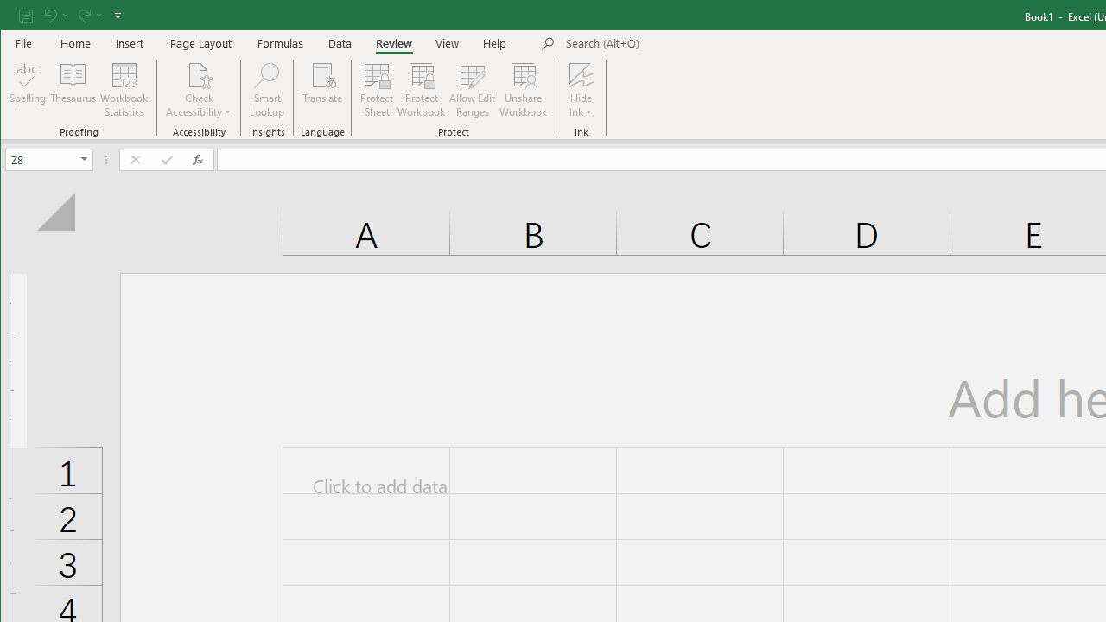 This screenshot has height=622, width=1106. Describe the element at coordinates (322, 90) in the screenshot. I see `'Translate'` at that location.